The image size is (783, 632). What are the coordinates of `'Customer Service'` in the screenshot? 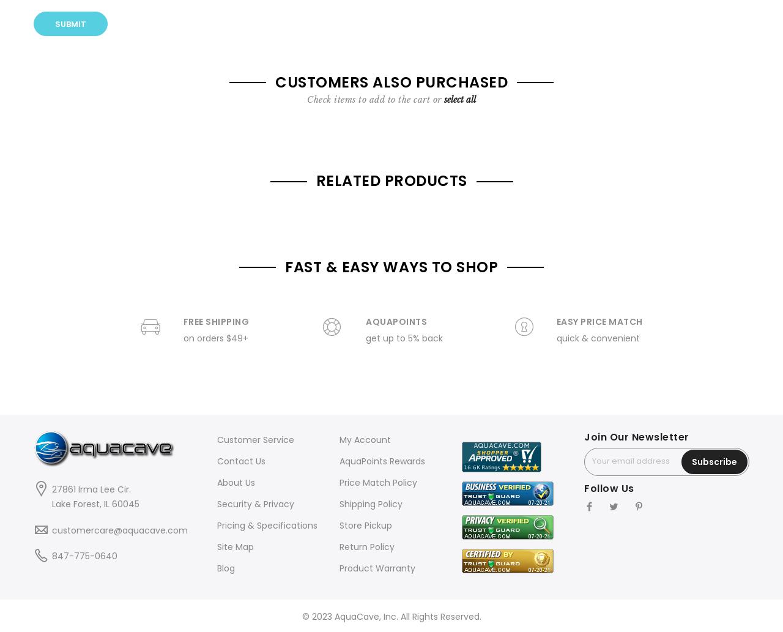 It's located at (255, 439).